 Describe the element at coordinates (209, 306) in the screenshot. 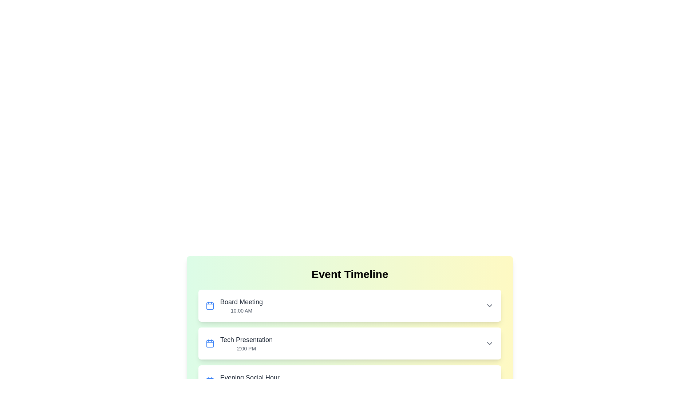

I see `the rounded rectangle within the calendar icon that has a blue stroke, which is centrally located in the calendar grid` at that location.